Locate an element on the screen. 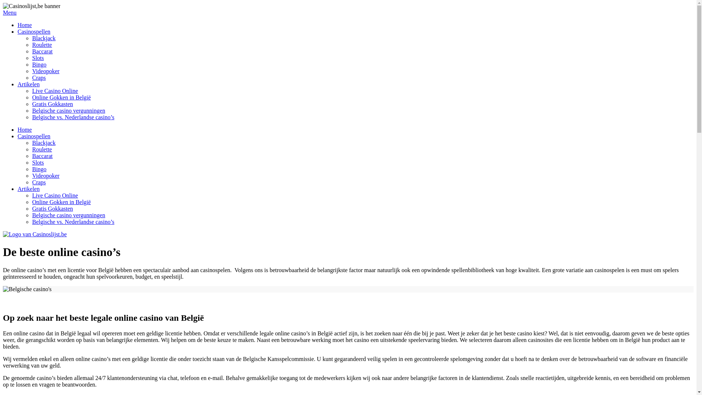 Image resolution: width=702 pixels, height=395 pixels. 'Craps' is located at coordinates (38, 78).